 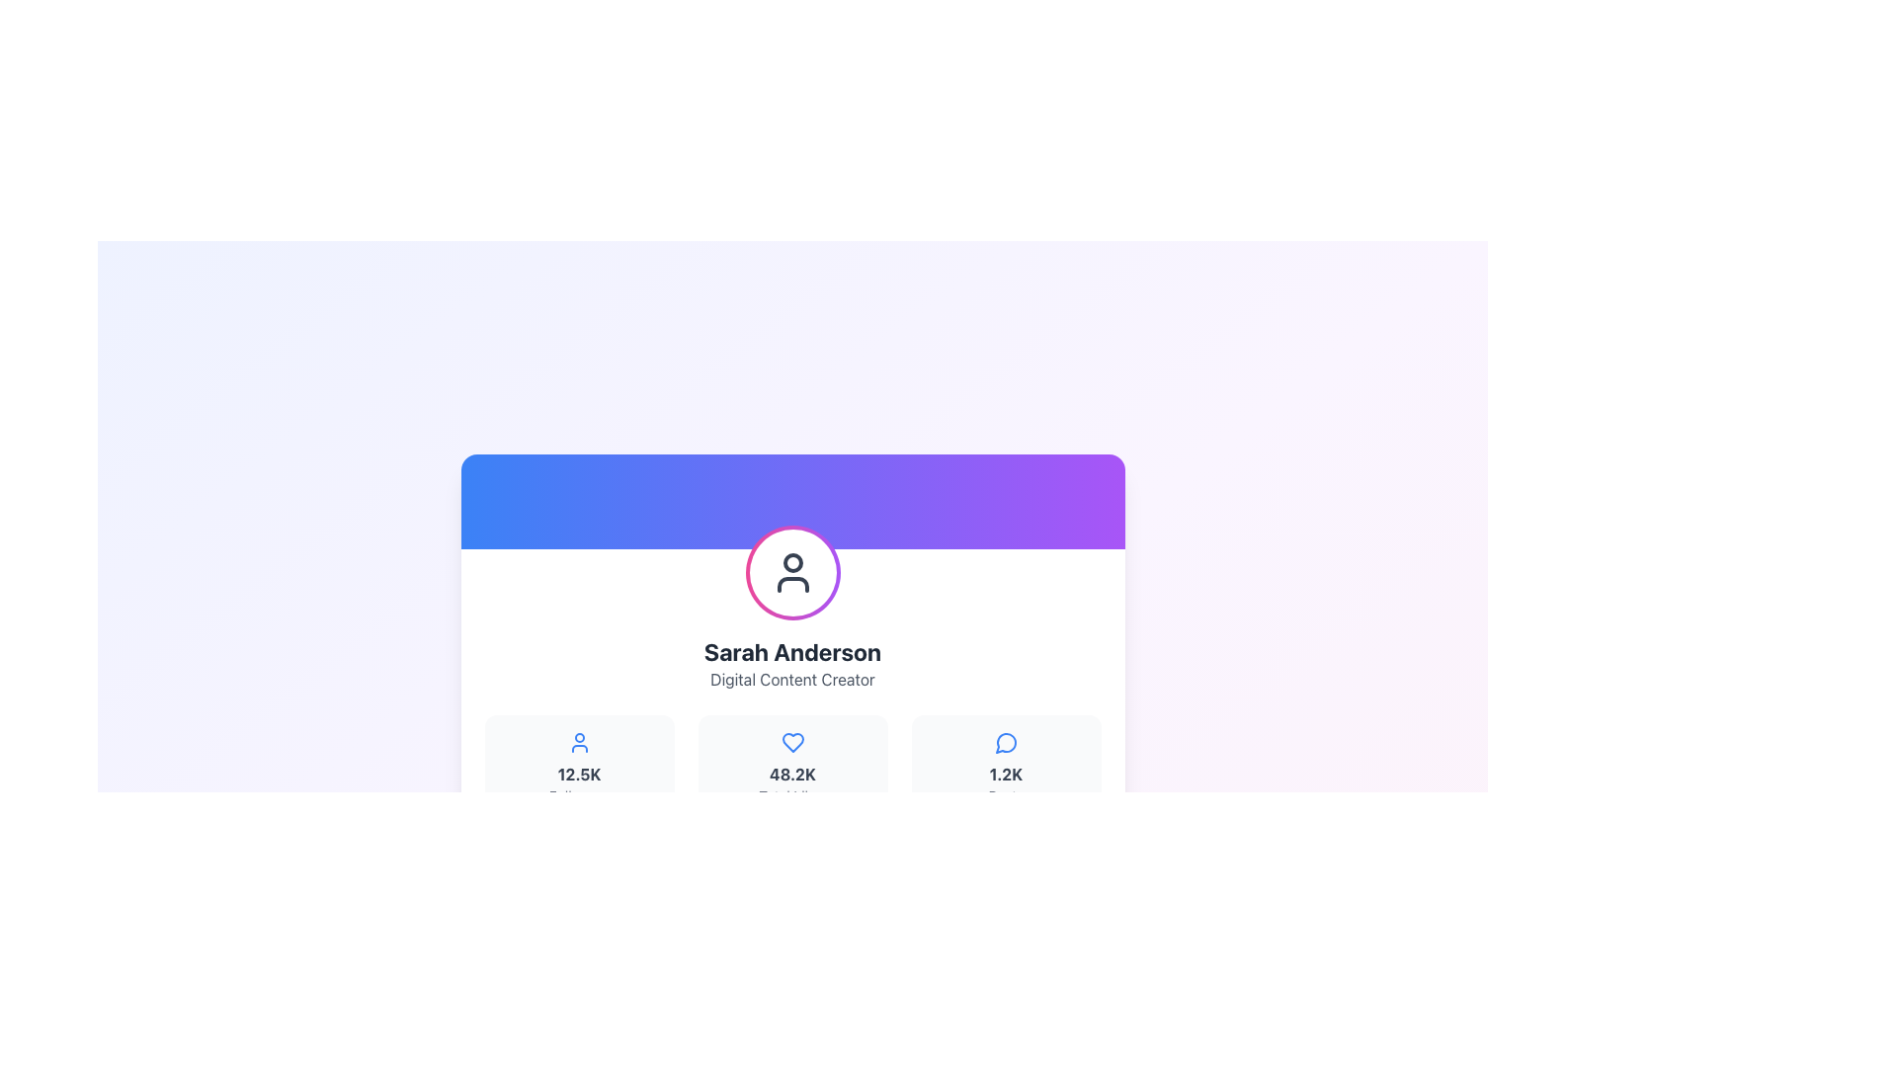 What do you see at coordinates (578, 768) in the screenshot?
I see `the informational display card that shows the number of followers associated with the profile, positioned as the first card in a horizontal row beneath the profile header` at bounding box center [578, 768].